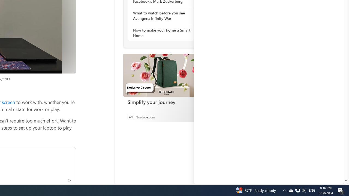 The height and width of the screenshot is (196, 349). I want to click on 'Simplify your journey', so click(164, 75).